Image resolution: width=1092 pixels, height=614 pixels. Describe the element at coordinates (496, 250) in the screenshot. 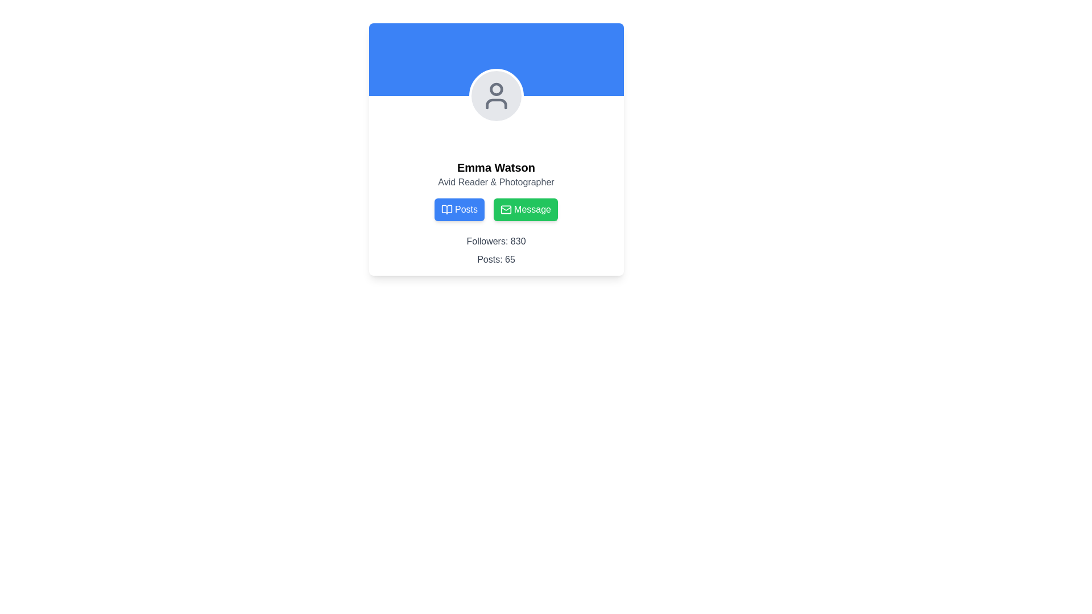

I see `the text display showing user statistics for the profile of 'Emma Watson', located beneath the name and buttons` at that location.